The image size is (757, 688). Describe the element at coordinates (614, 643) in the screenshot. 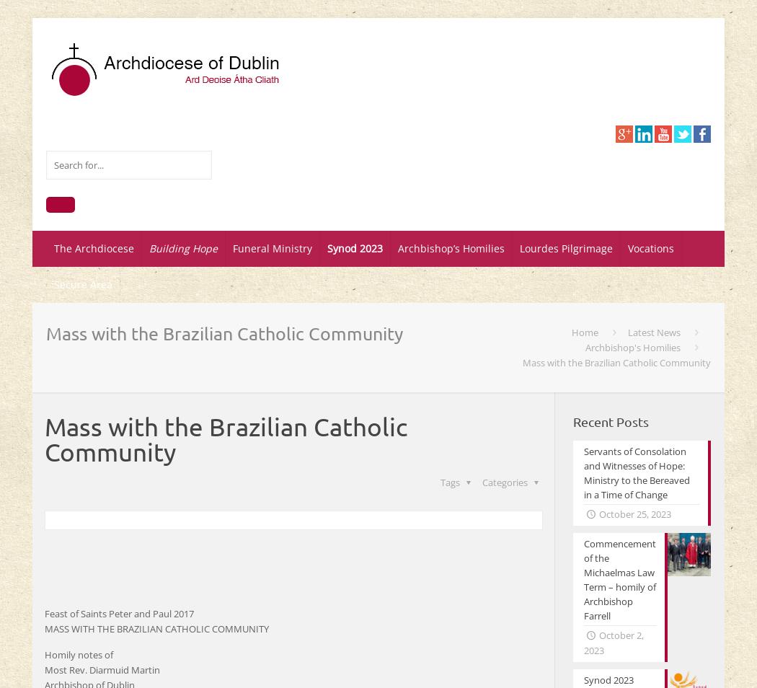

I see `'October 2, 2023'` at that location.